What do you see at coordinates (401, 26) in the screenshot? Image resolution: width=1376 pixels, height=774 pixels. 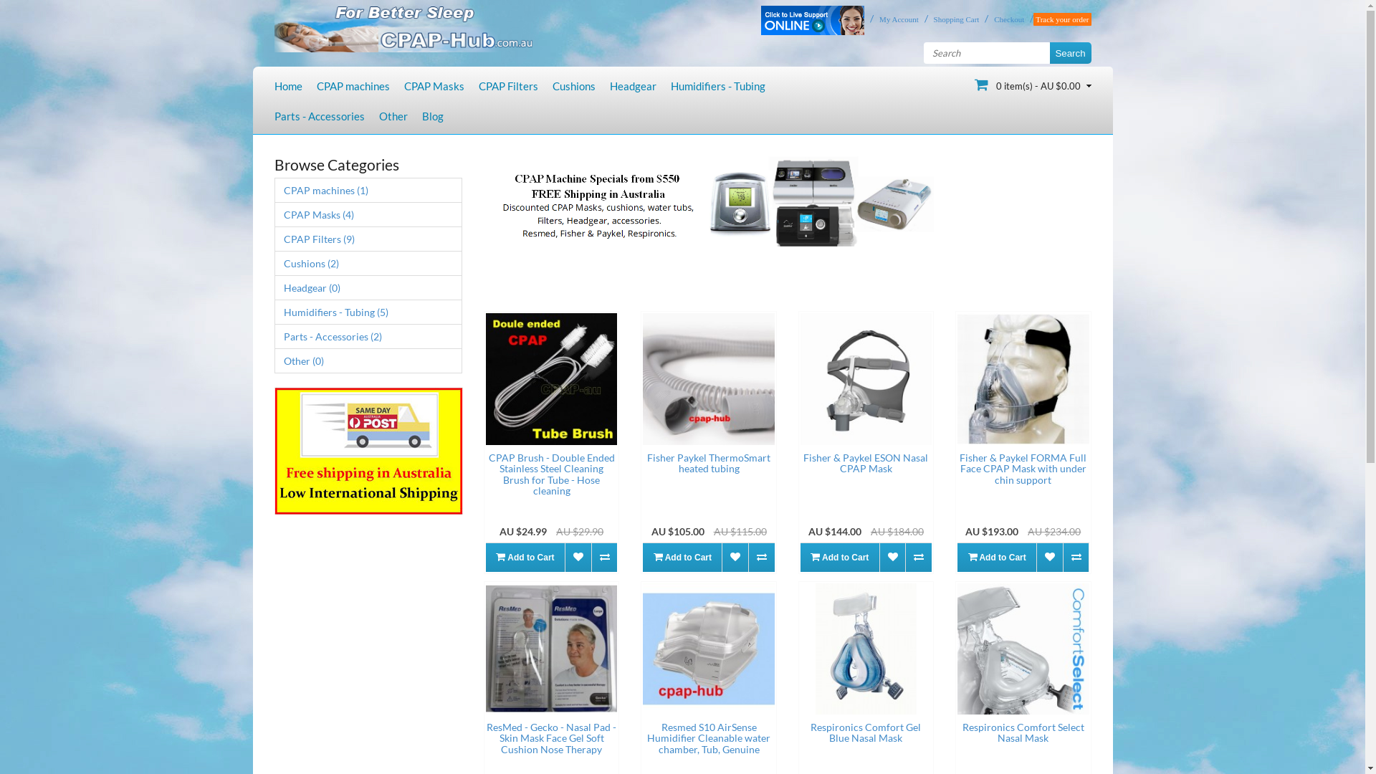 I see `'Cpap-Hub'` at bounding box center [401, 26].